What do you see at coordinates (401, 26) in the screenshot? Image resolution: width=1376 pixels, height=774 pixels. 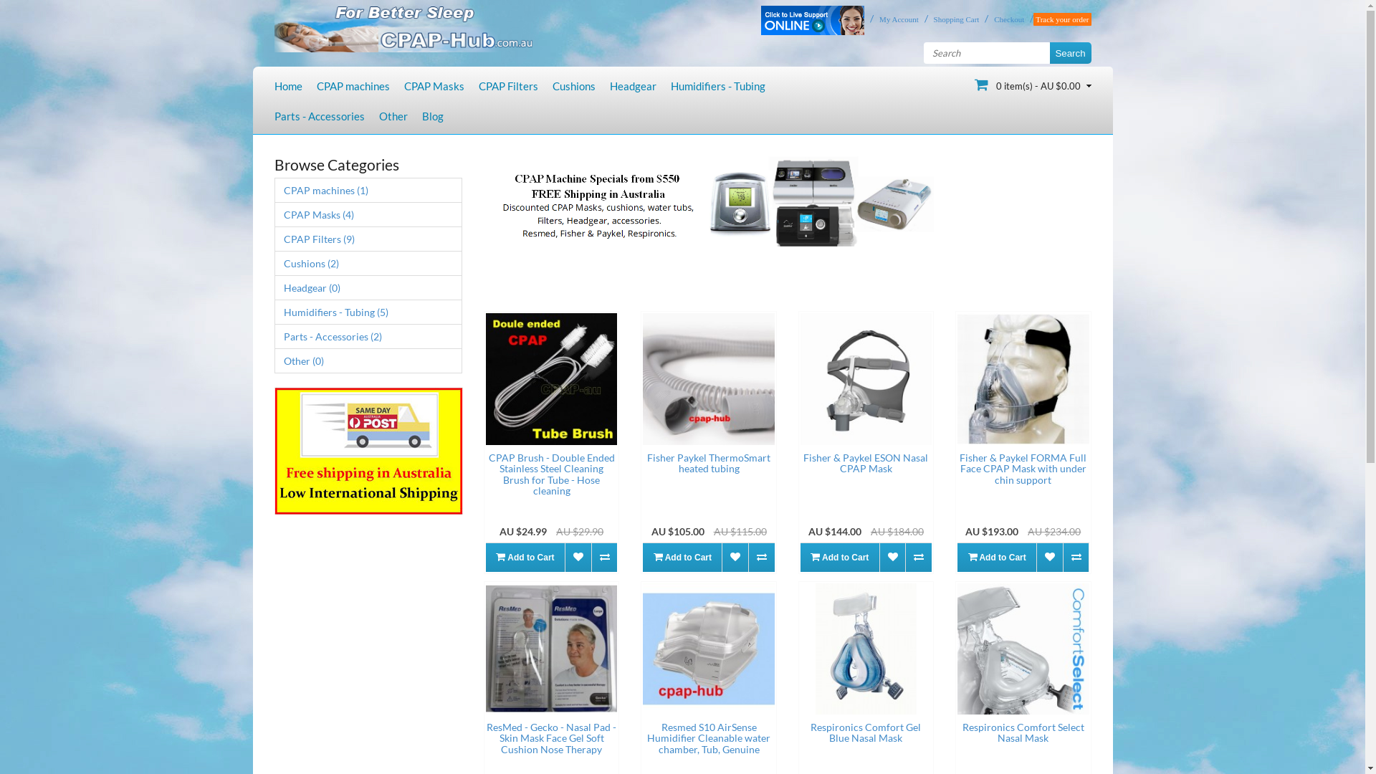 I see `'Cpap-Hub'` at bounding box center [401, 26].